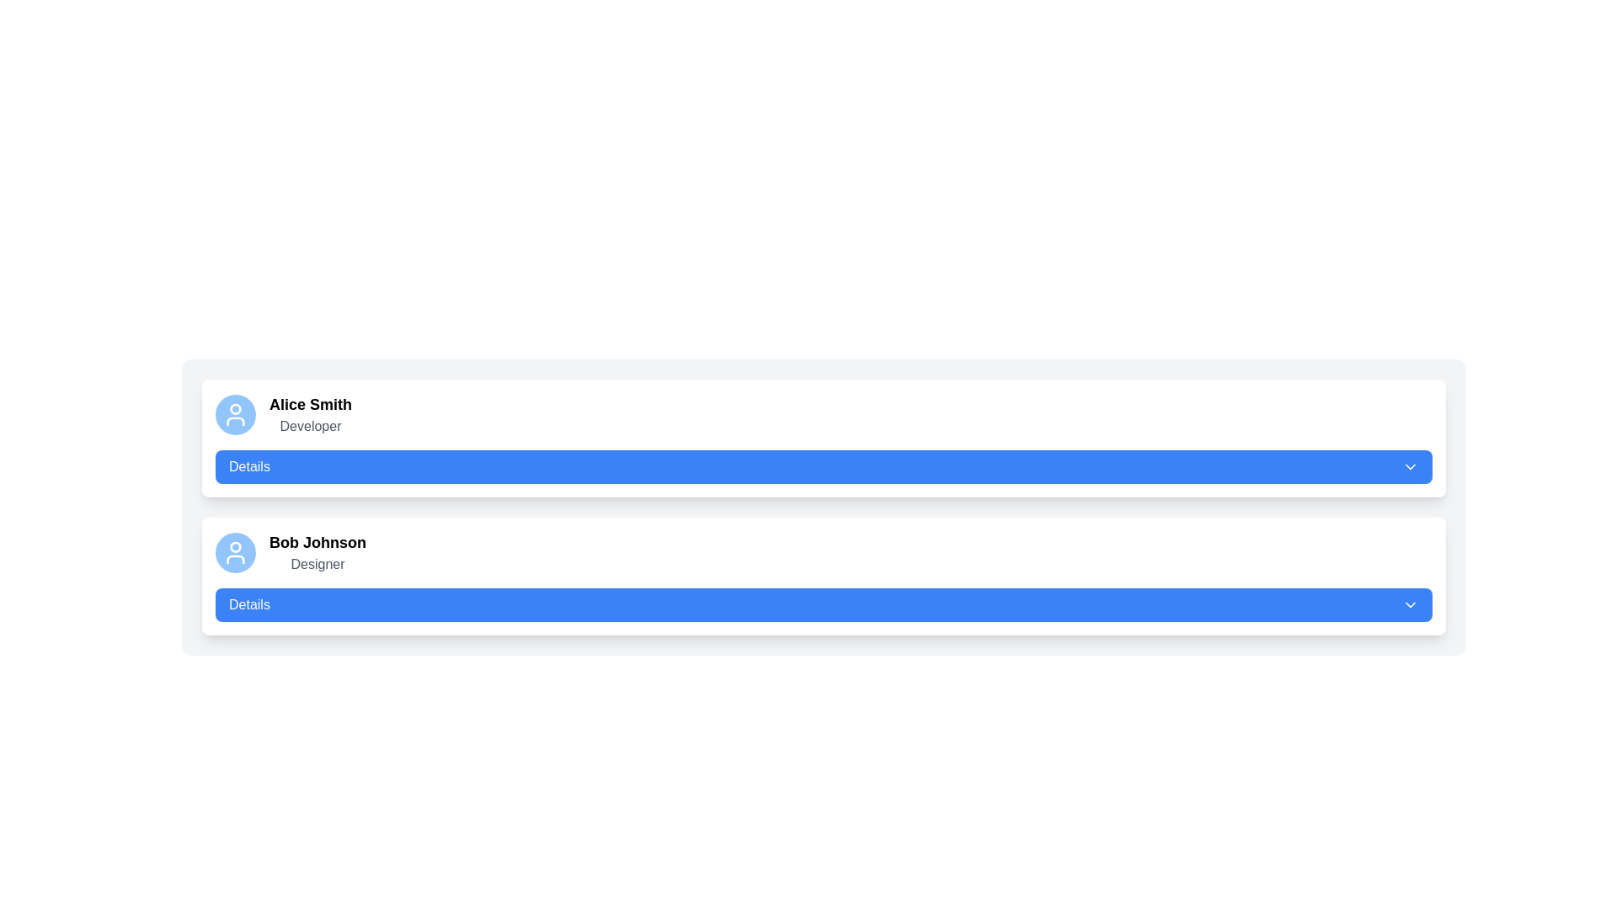  Describe the element at coordinates (234, 552) in the screenshot. I see `the avatar icon representing the user 'Bob Johnson', which is positioned to the left of his name and title 'Designer'` at that location.